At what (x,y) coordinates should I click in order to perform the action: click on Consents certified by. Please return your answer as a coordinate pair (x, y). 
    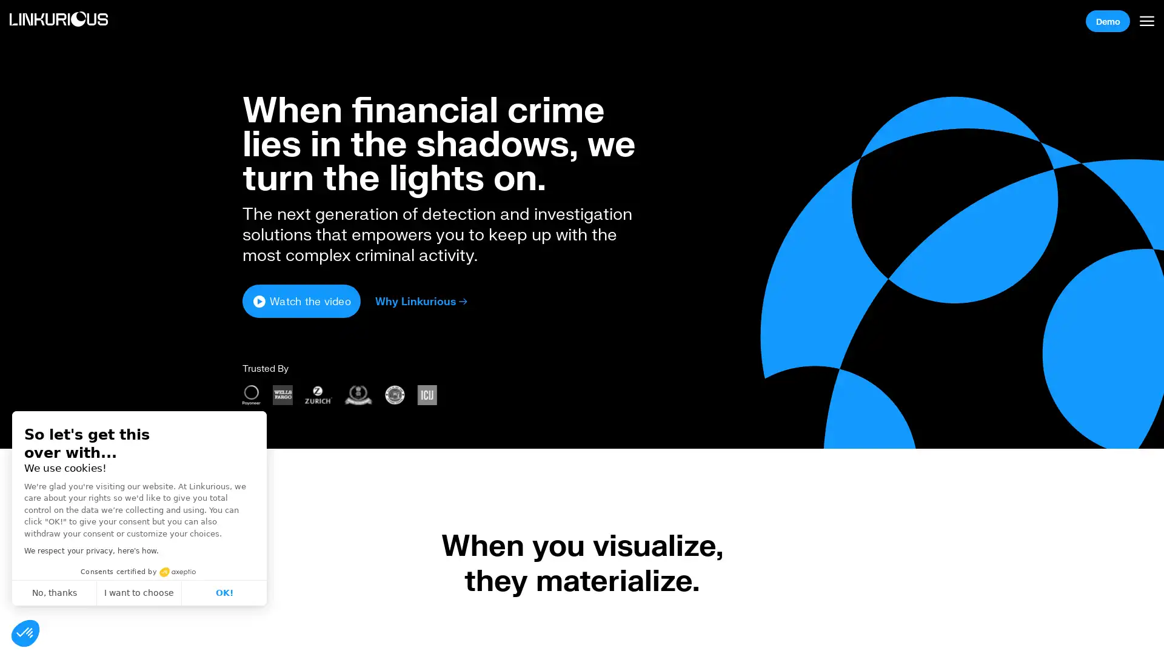
    Looking at the image, I should click on (139, 572).